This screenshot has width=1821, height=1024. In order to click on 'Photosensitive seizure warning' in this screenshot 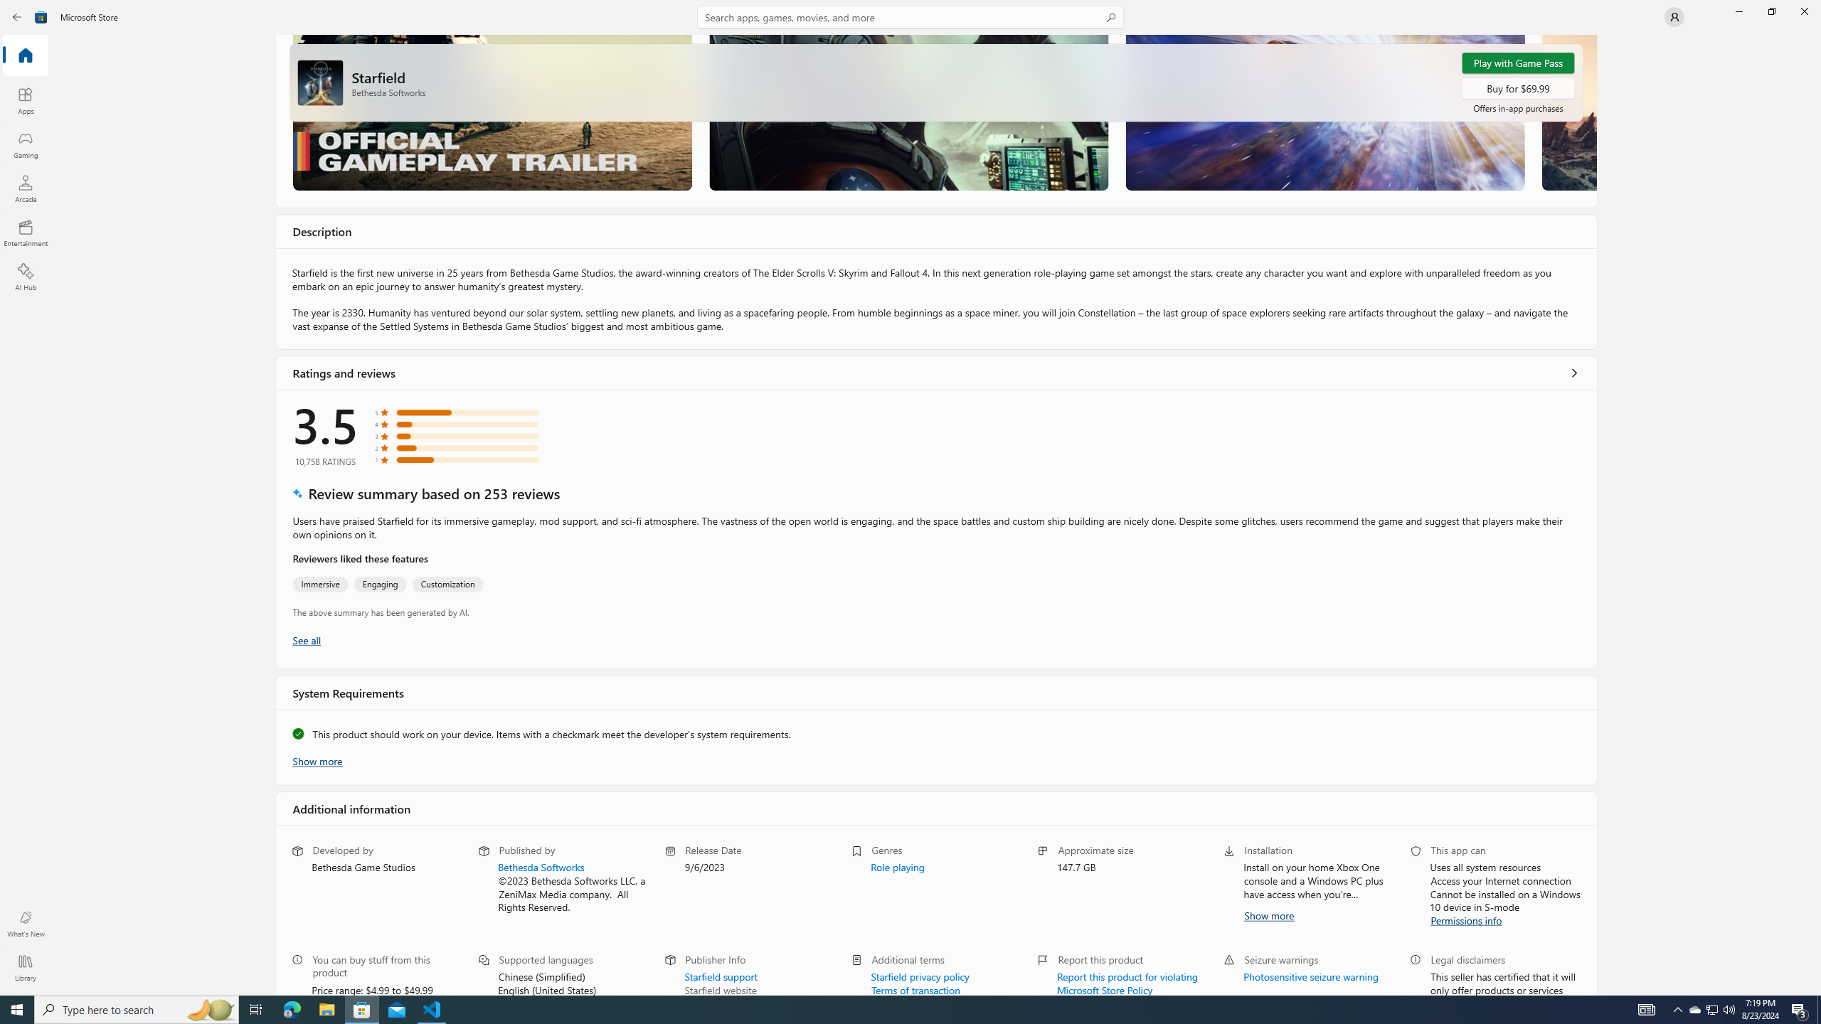, I will do `click(1310, 975)`.